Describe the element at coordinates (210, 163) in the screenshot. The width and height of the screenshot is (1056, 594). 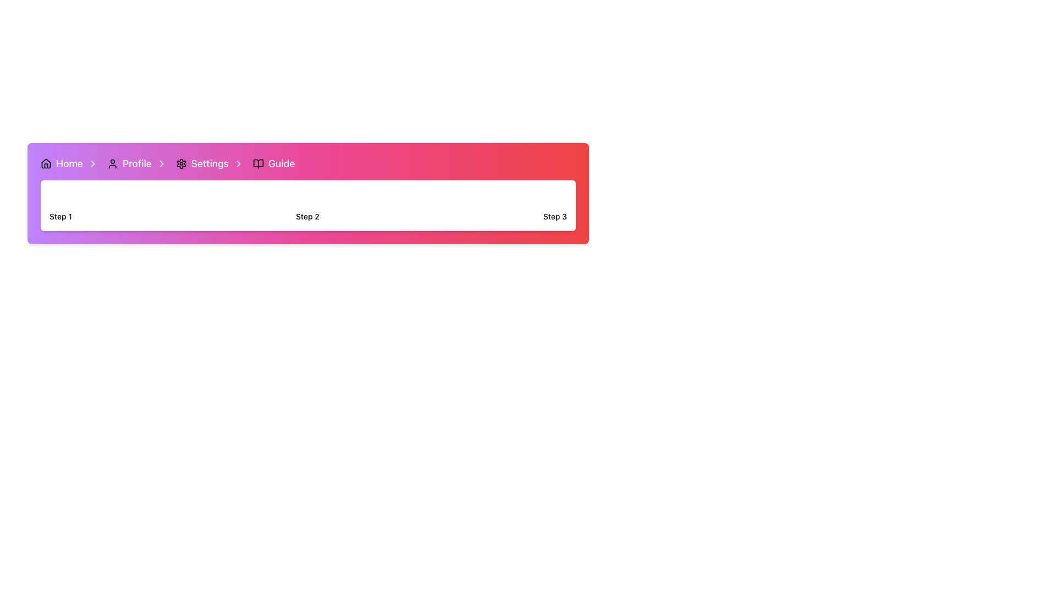
I see `the text label indicating 'Settings' in the breadcrumb navigation bar` at that location.